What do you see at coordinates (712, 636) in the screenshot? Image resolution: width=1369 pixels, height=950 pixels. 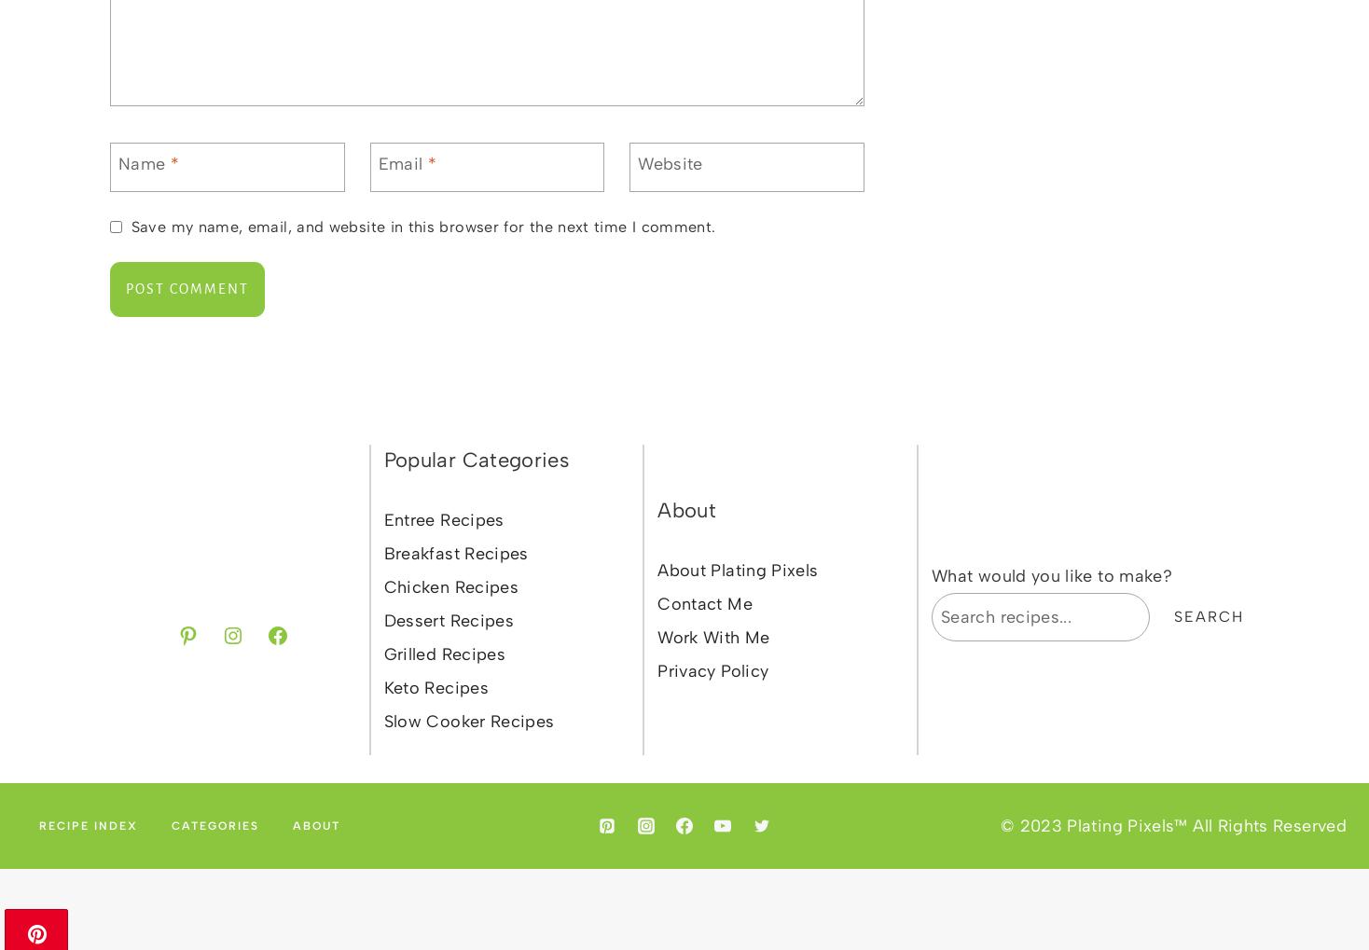 I see `'Work With Me'` at bounding box center [712, 636].